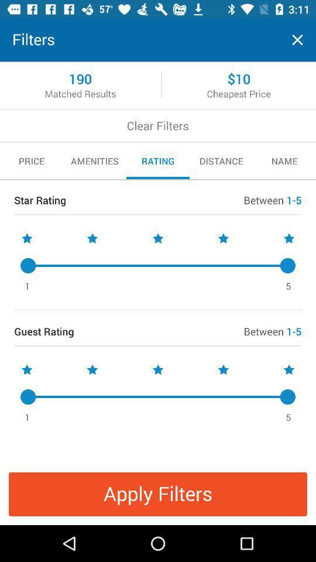 The image size is (316, 562). I want to click on the item next to rating item, so click(94, 160).